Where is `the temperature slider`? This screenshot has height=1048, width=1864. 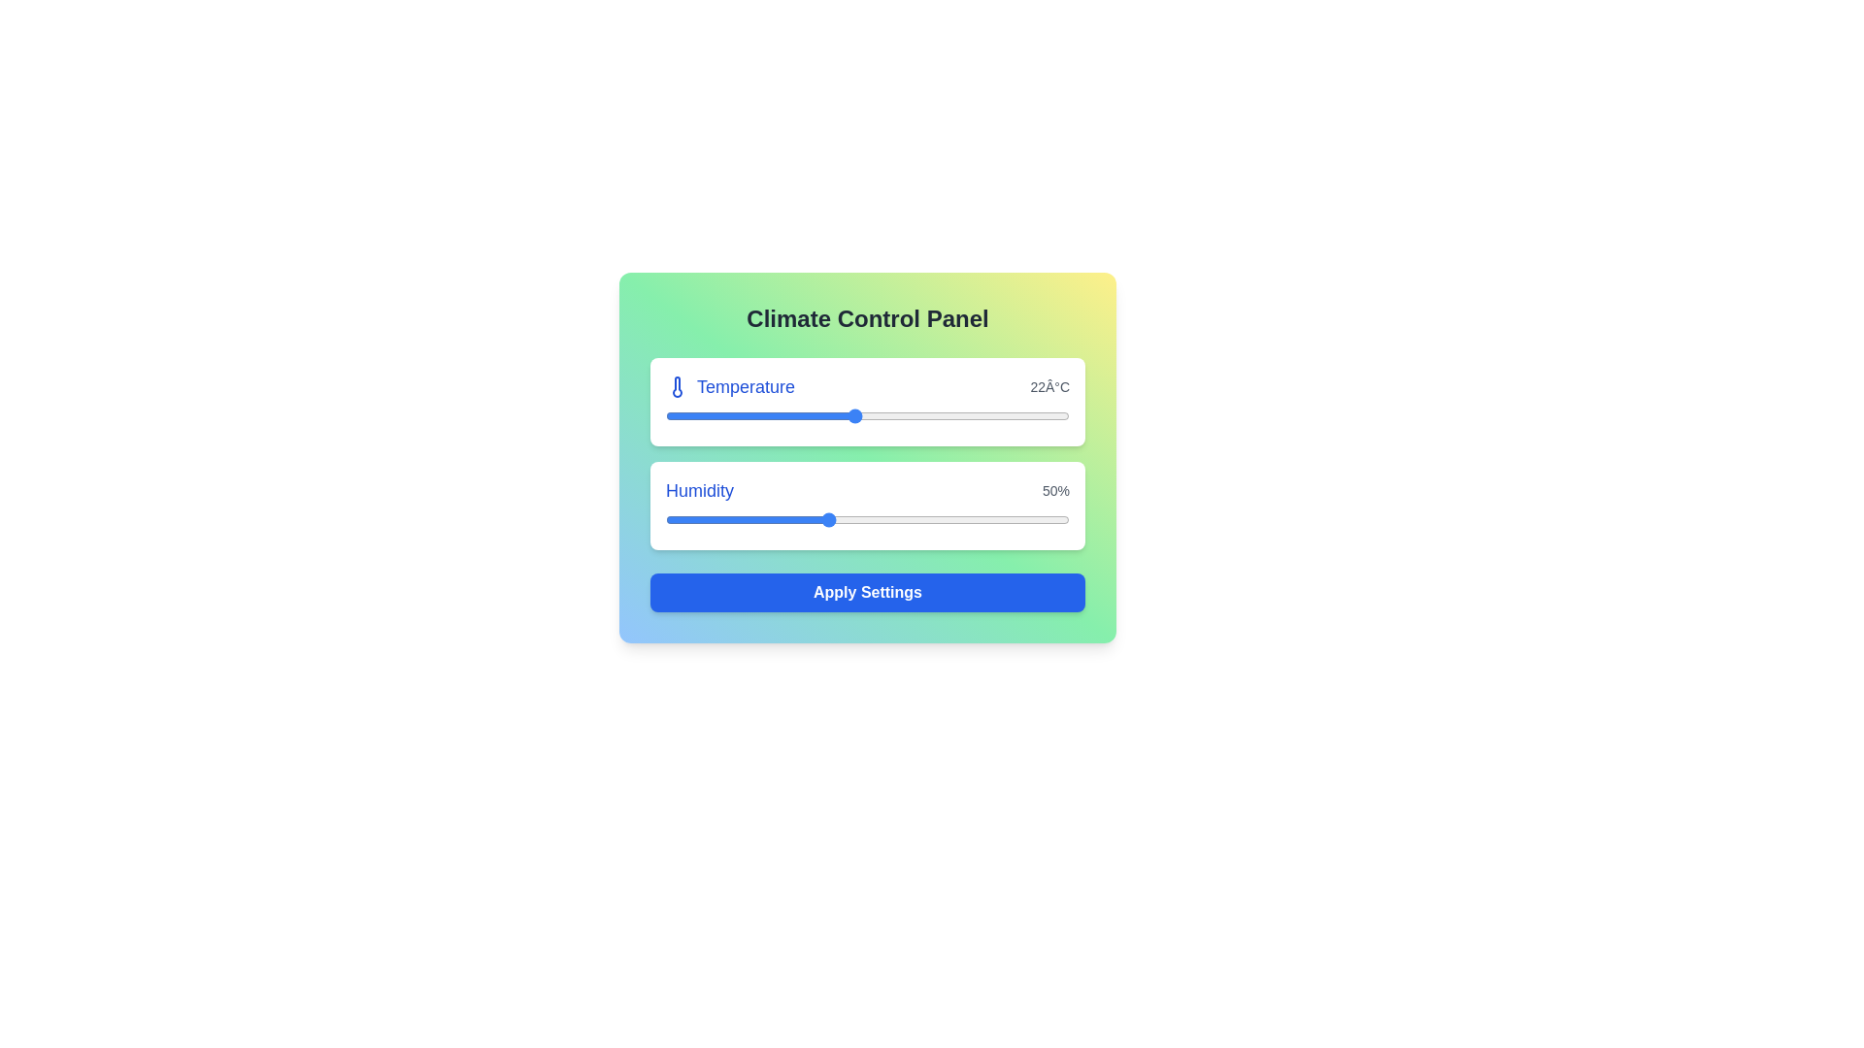
the temperature slider is located at coordinates (935, 414).